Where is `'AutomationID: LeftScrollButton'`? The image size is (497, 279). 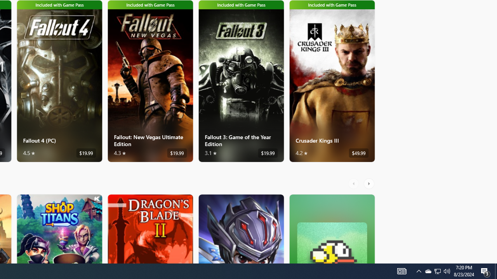 'AutomationID: LeftScrollButton' is located at coordinates (354, 183).